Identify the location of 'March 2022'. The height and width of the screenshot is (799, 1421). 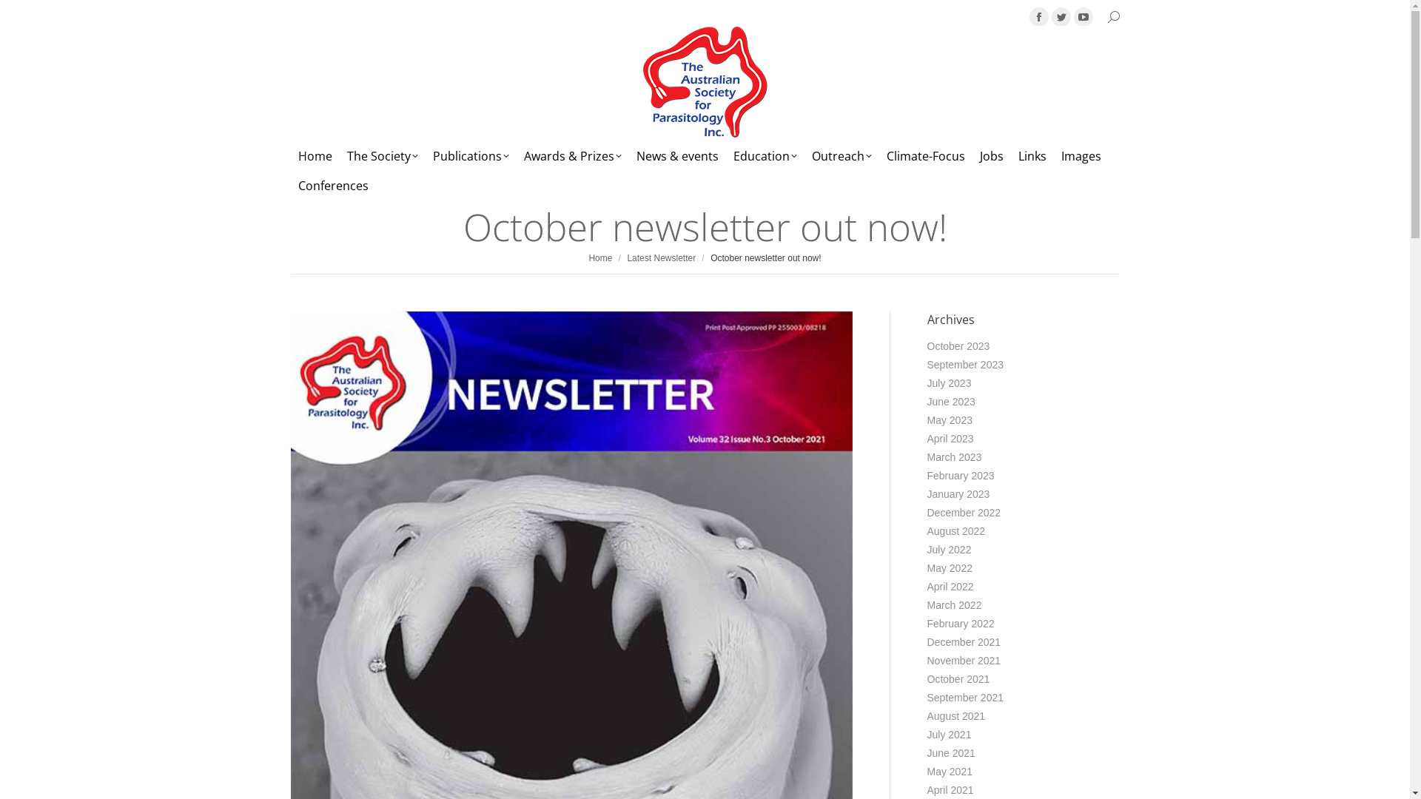
(954, 604).